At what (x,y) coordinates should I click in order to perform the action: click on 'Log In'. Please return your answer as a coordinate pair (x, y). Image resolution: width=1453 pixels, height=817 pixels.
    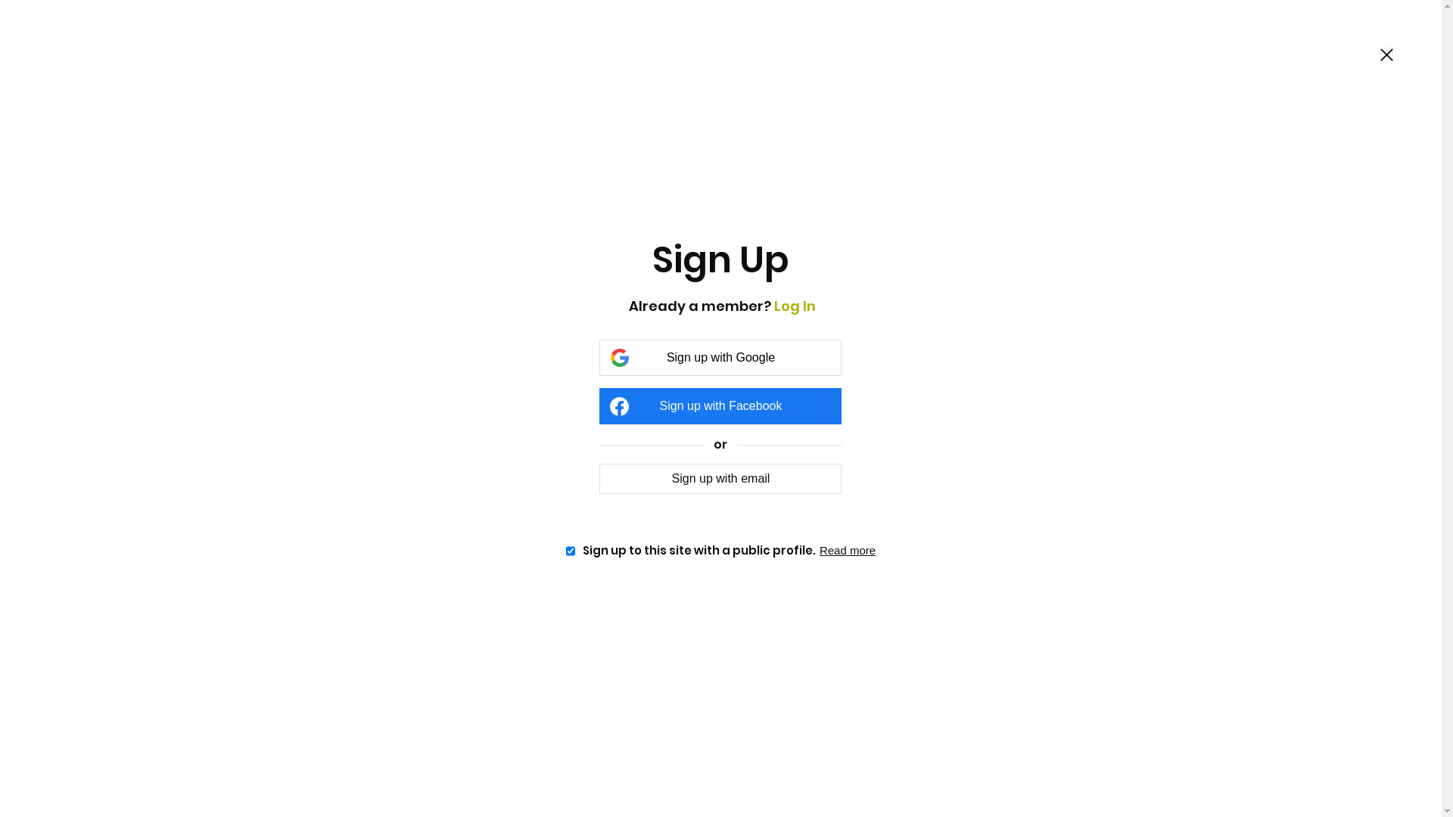
    Looking at the image, I should click on (773, 306).